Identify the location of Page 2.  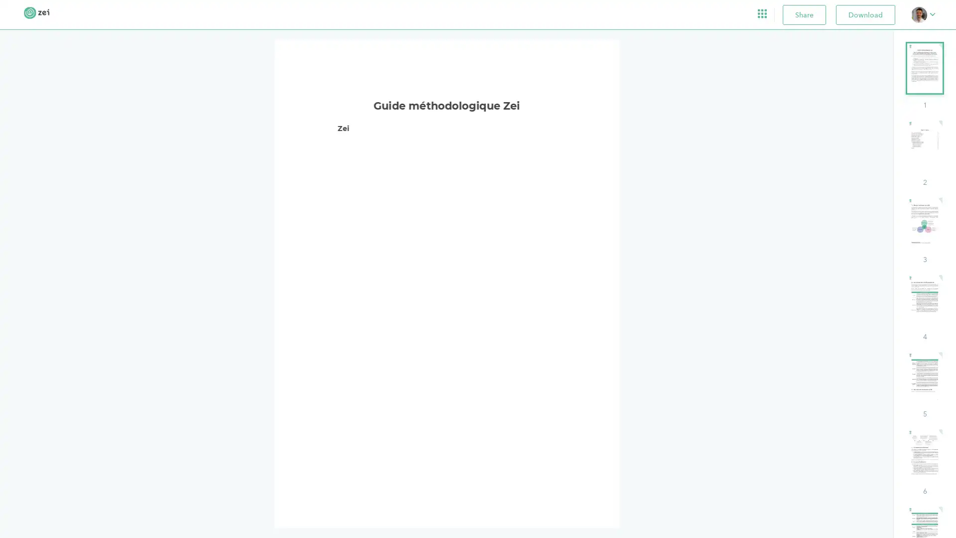
(924, 153).